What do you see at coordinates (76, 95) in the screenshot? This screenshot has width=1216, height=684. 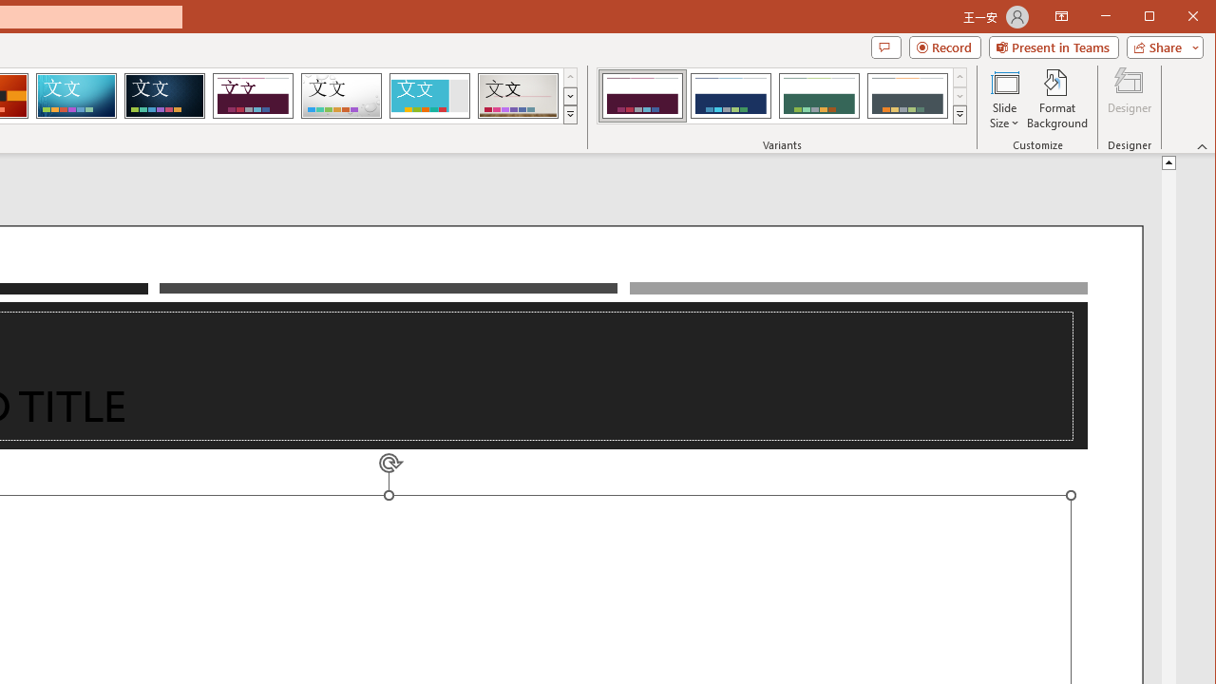 I see `'Circuit'` at bounding box center [76, 95].